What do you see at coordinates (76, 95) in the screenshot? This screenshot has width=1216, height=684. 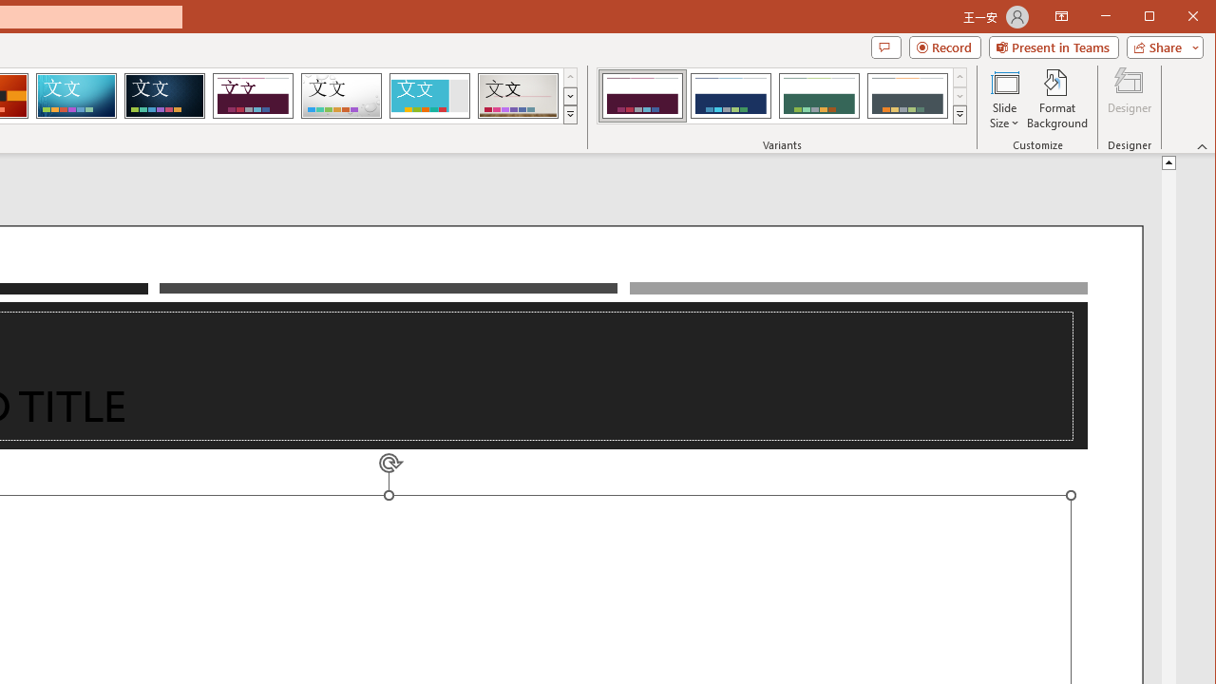 I see `'Circuit'` at bounding box center [76, 95].